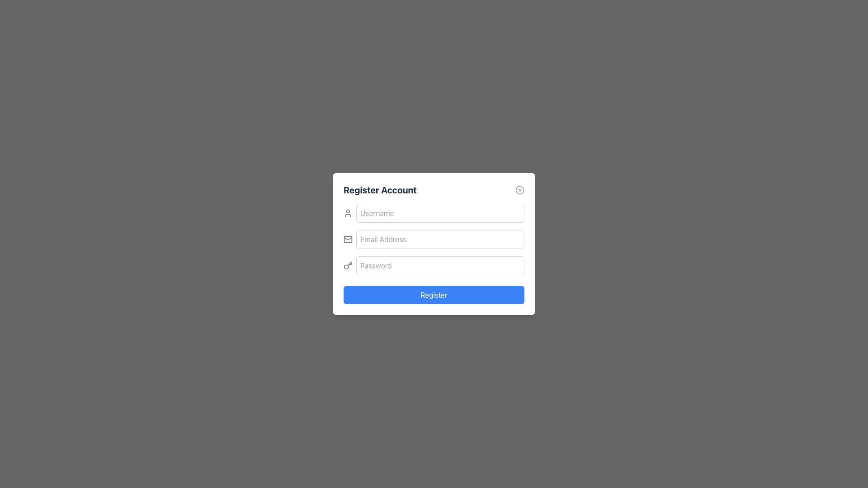  I want to click on the 'Email Address' input field located under the 'Register Account' title, so click(440, 239).